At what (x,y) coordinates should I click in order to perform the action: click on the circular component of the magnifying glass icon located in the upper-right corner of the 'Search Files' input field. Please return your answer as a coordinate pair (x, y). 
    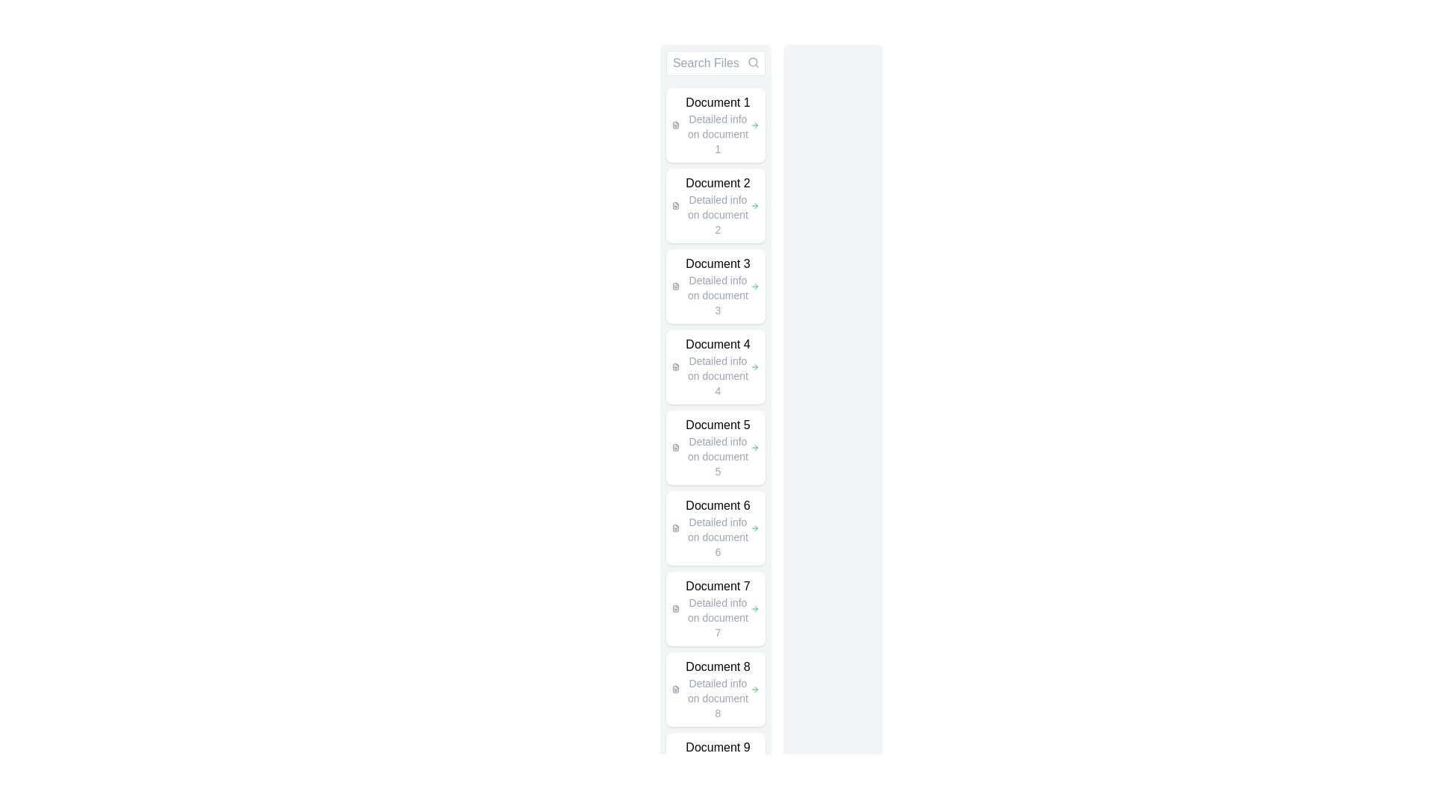
    Looking at the image, I should click on (753, 61).